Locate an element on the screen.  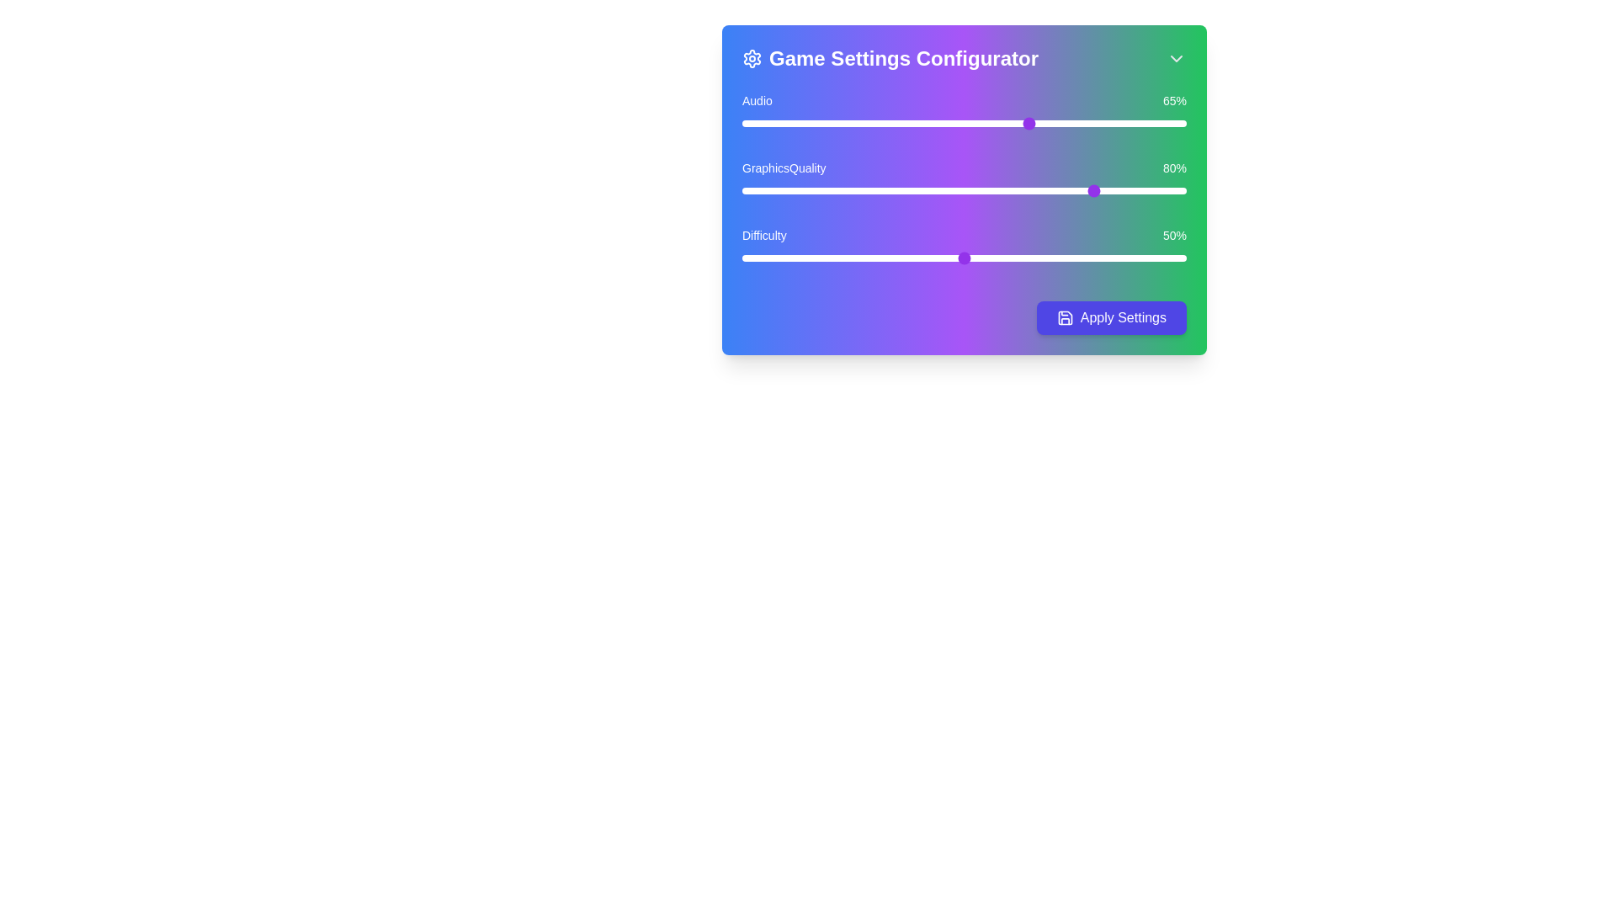
Graphics Quality is located at coordinates (995, 190).